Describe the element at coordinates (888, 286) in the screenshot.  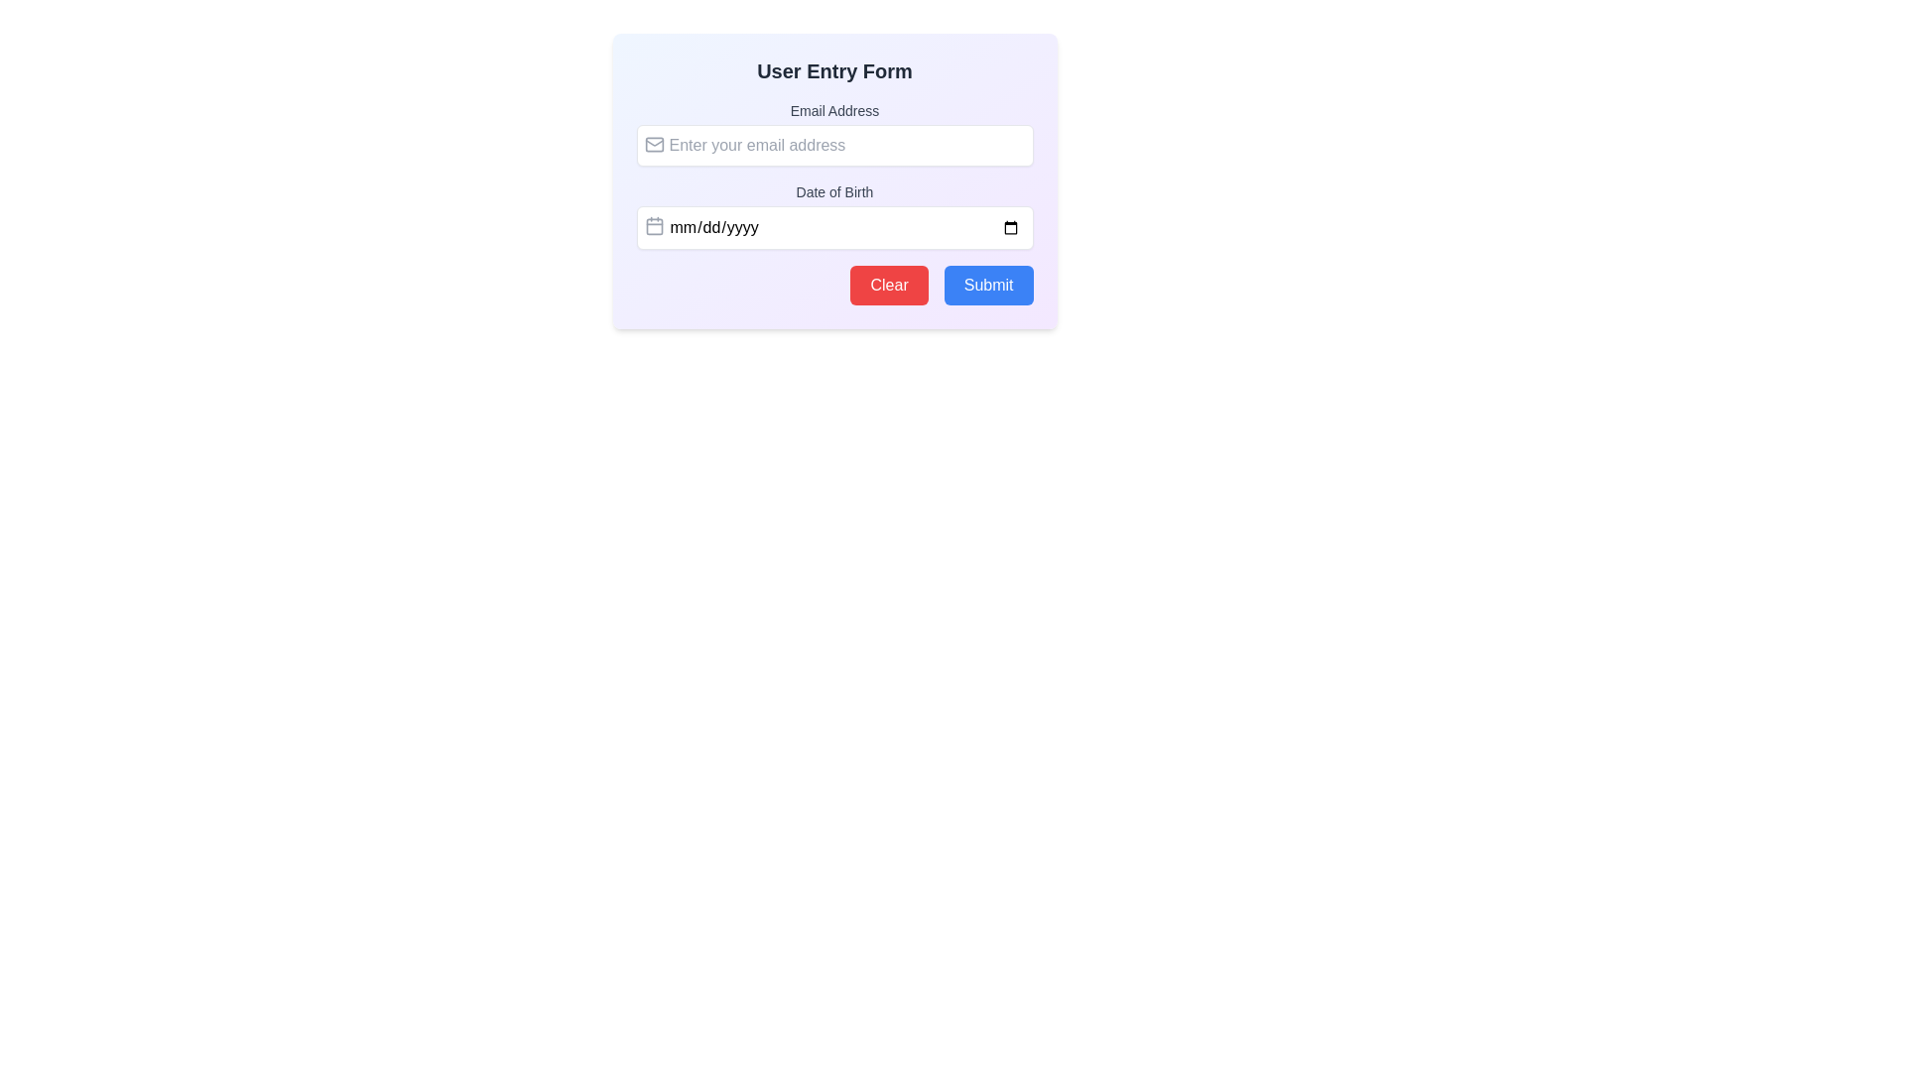
I see `the reset button, which is the first button in the form located to the left of the 'Submit' button` at that location.